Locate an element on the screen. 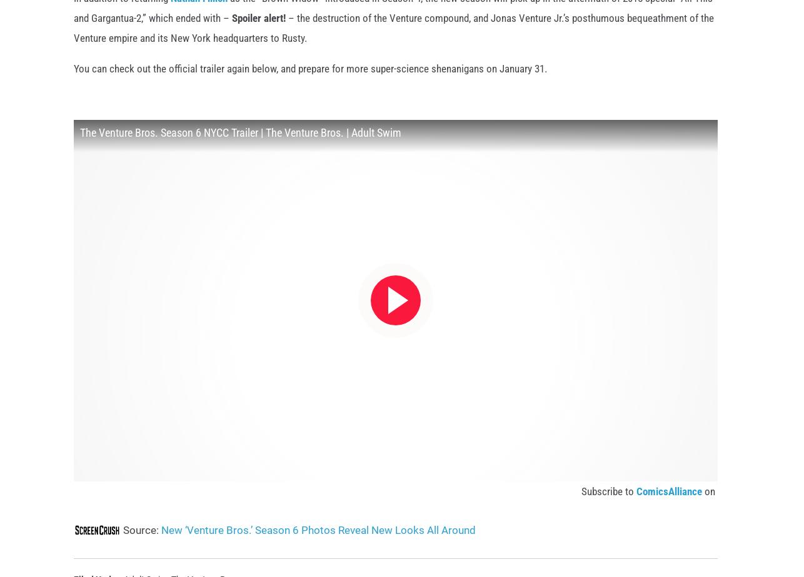 Image resolution: width=804 pixels, height=577 pixels. 'on' is located at coordinates (709, 511).